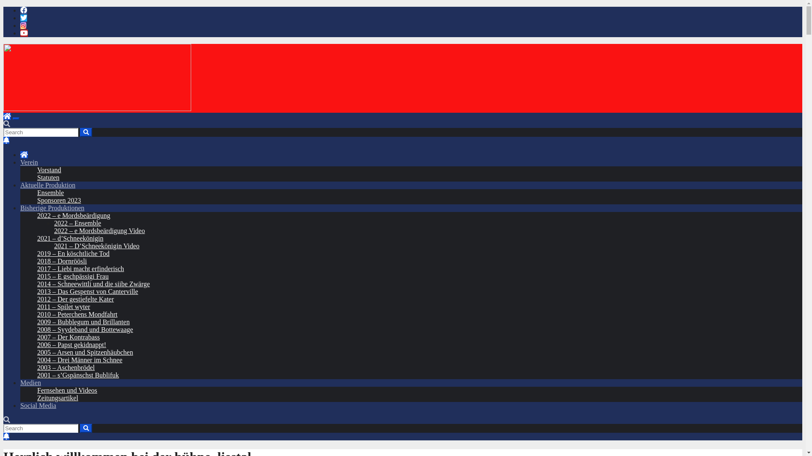 The width and height of the screenshot is (812, 456). Describe the element at coordinates (3, 6) in the screenshot. I see `'Skip to content'` at that location.